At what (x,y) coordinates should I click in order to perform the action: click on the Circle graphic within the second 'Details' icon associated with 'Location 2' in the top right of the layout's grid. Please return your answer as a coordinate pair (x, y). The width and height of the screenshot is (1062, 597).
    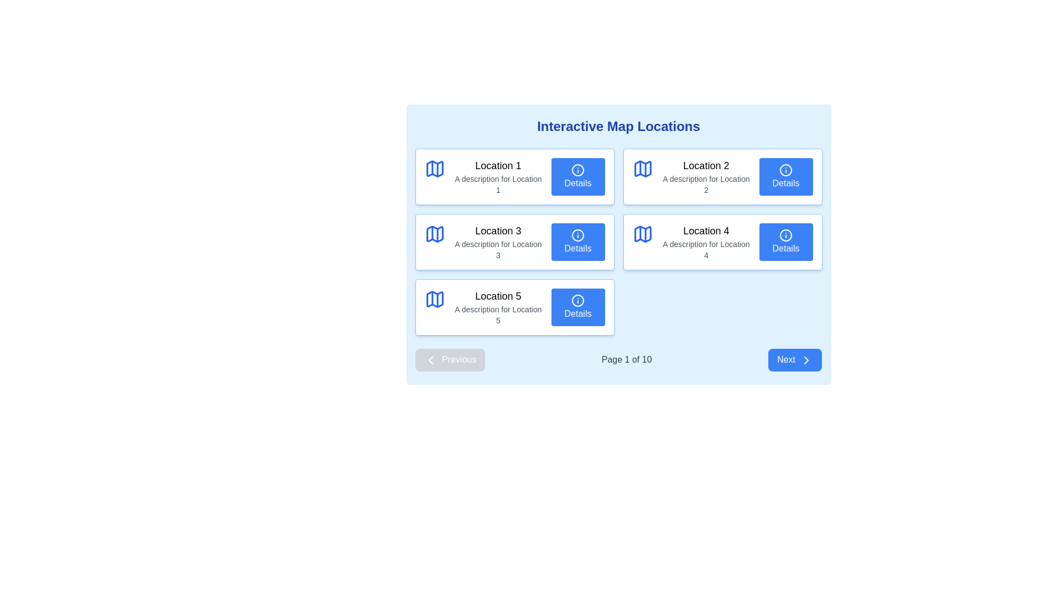
    Looking at the image, I should click on (785, 170).